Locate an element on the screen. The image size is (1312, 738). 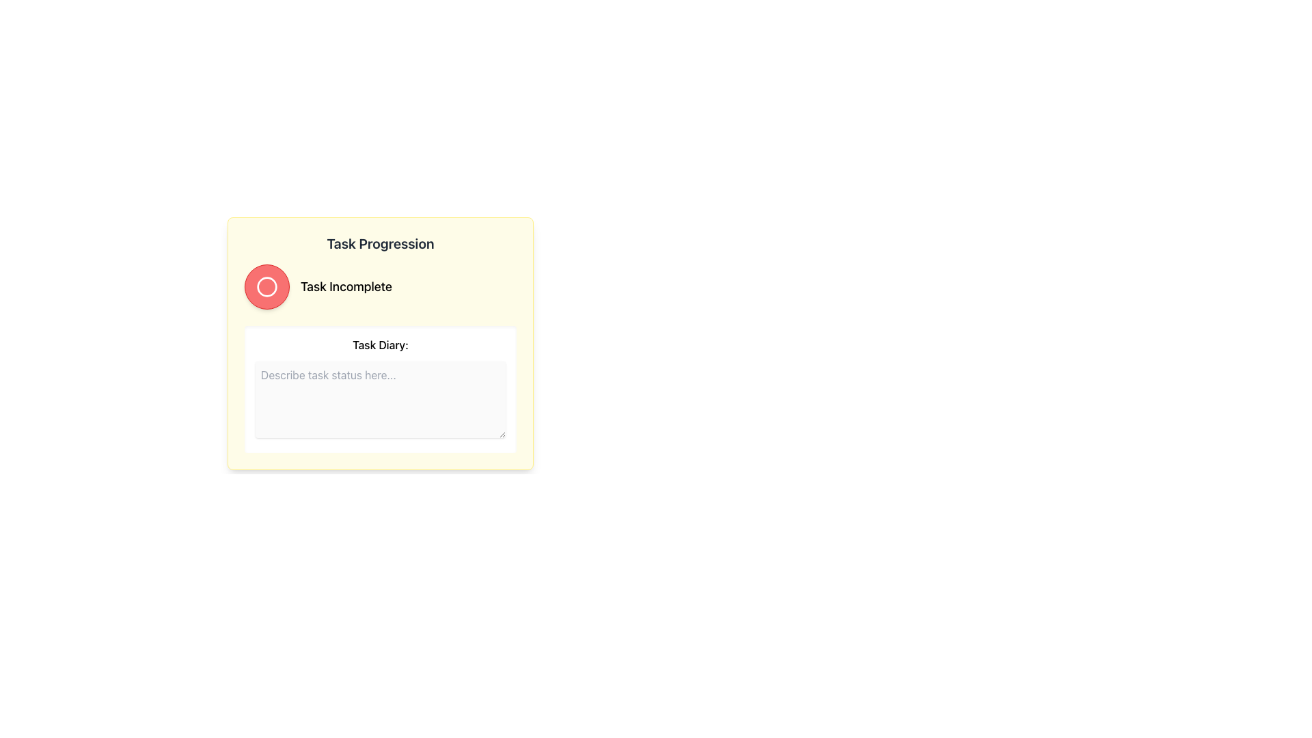
the text label saying 'Task Diary:', which is styled with a medium-sized bold font and positioned above the text area input field is located at coordinates (380, 344).